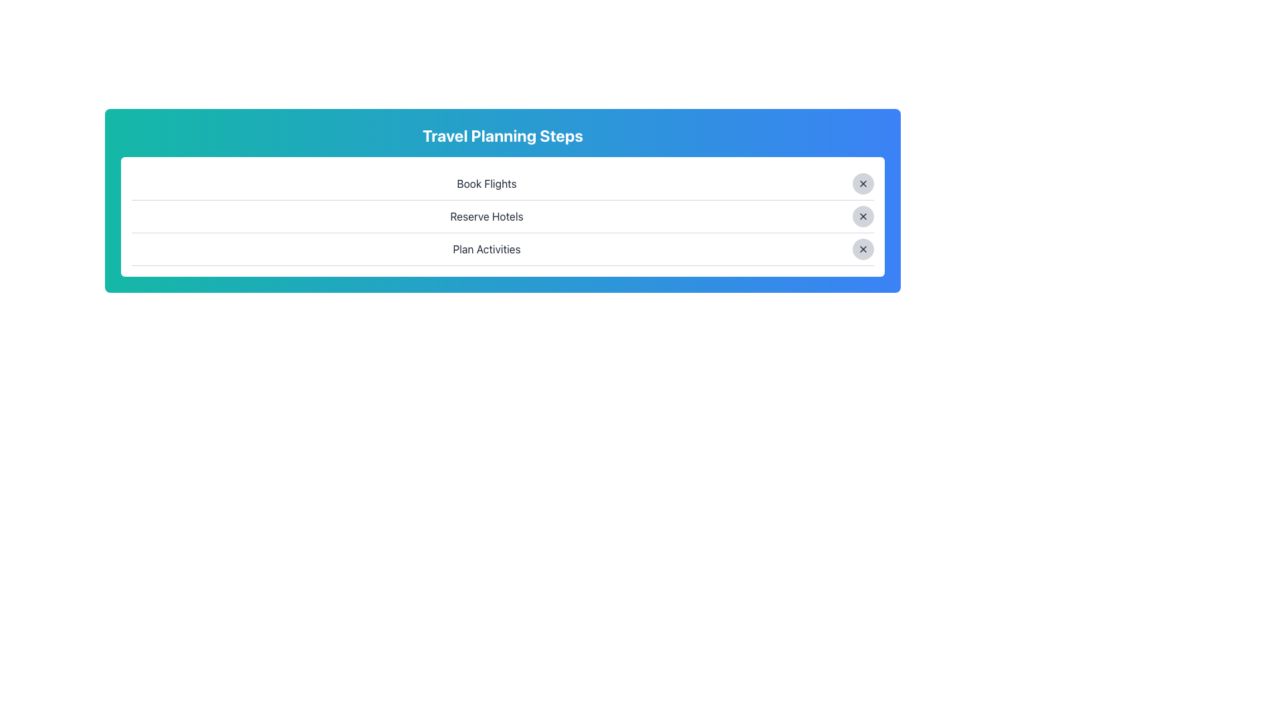  I want to click on the delete button on the far right side of the row containing the text 'Reserve Hotels', so click(863, 216).